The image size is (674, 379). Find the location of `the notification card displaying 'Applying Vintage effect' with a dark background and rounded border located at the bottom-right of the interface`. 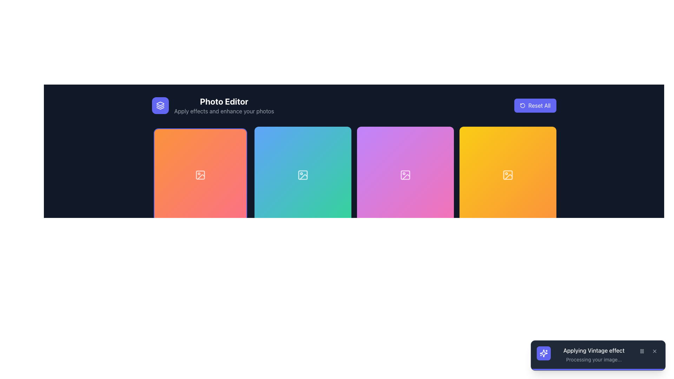

the notification card displaying 'Applying Vintage effect' with a dark background and rounded border located at the bottom-right of the interface is located at coordinates (598, 355).